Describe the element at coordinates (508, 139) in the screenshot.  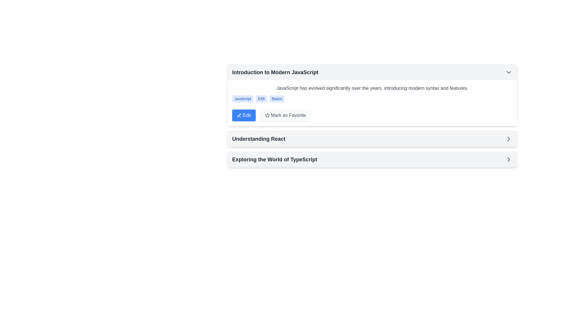
I see `the chevron-shaped icon on the right side of the 'Understanding React' item` at that location.